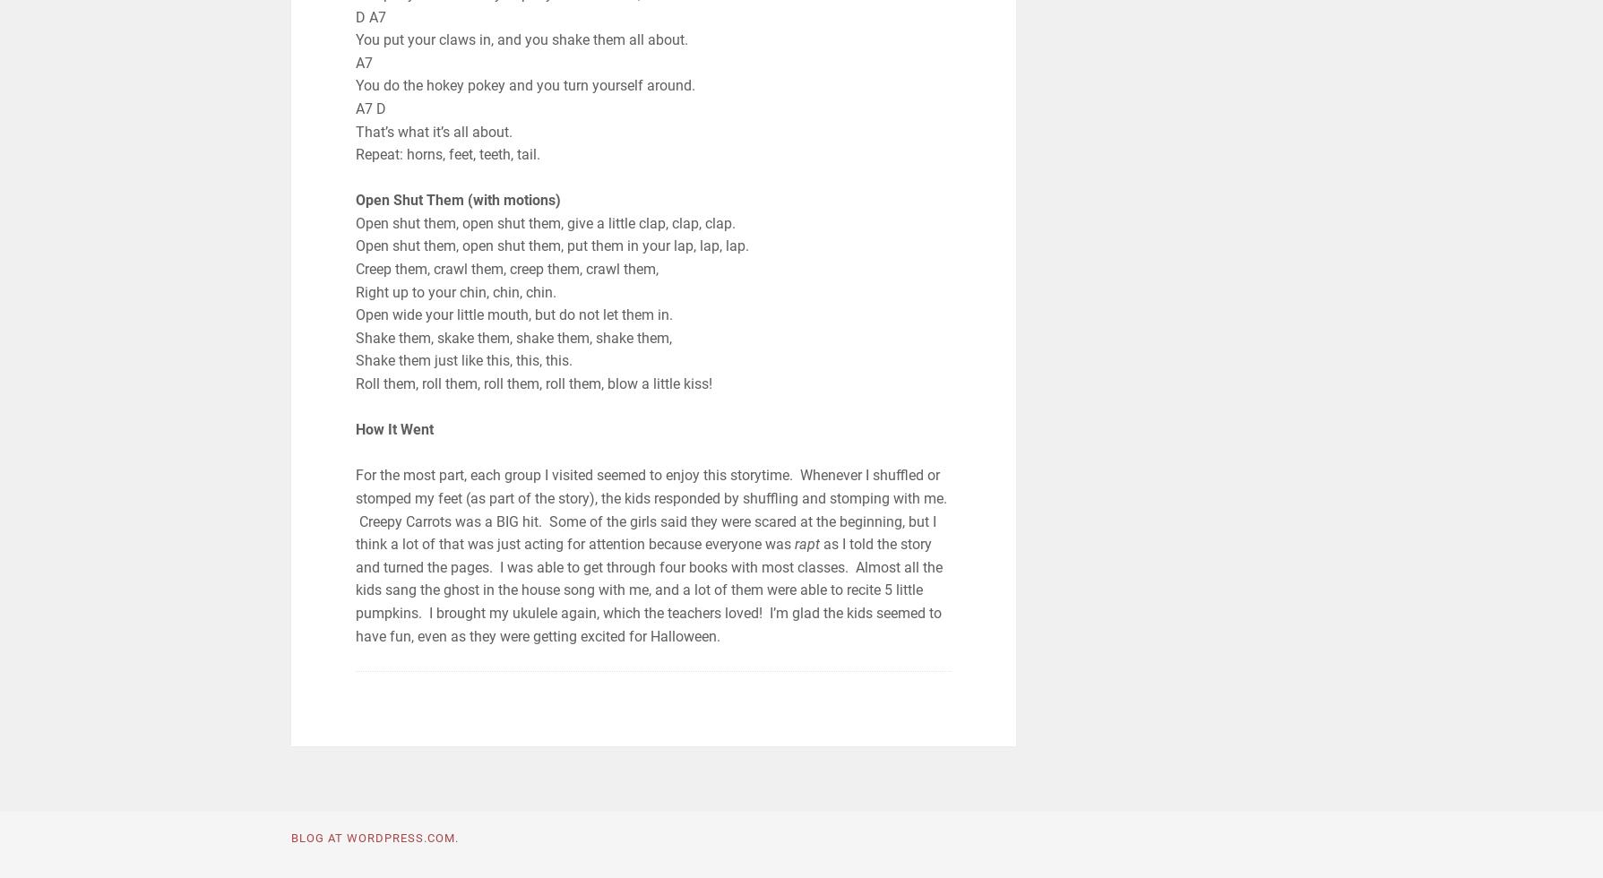 This screenshot has height=878, width=1603. I want to click on 'How It Went', so click(354, 429).